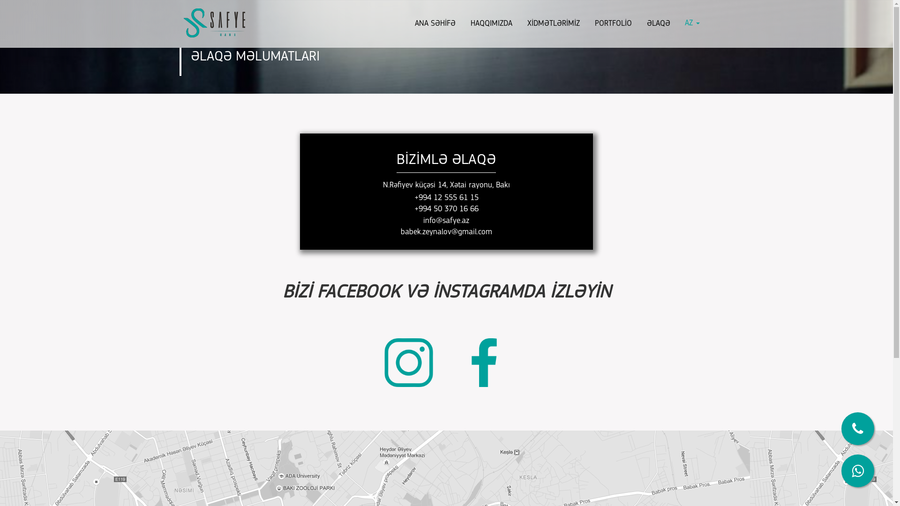 The width and height of the screenshot is (900, 506). What do you see at coordinates (491, 23) in the screenshot?
I see `'HAQQIMIZDA'` at bounding box center [491, 23].